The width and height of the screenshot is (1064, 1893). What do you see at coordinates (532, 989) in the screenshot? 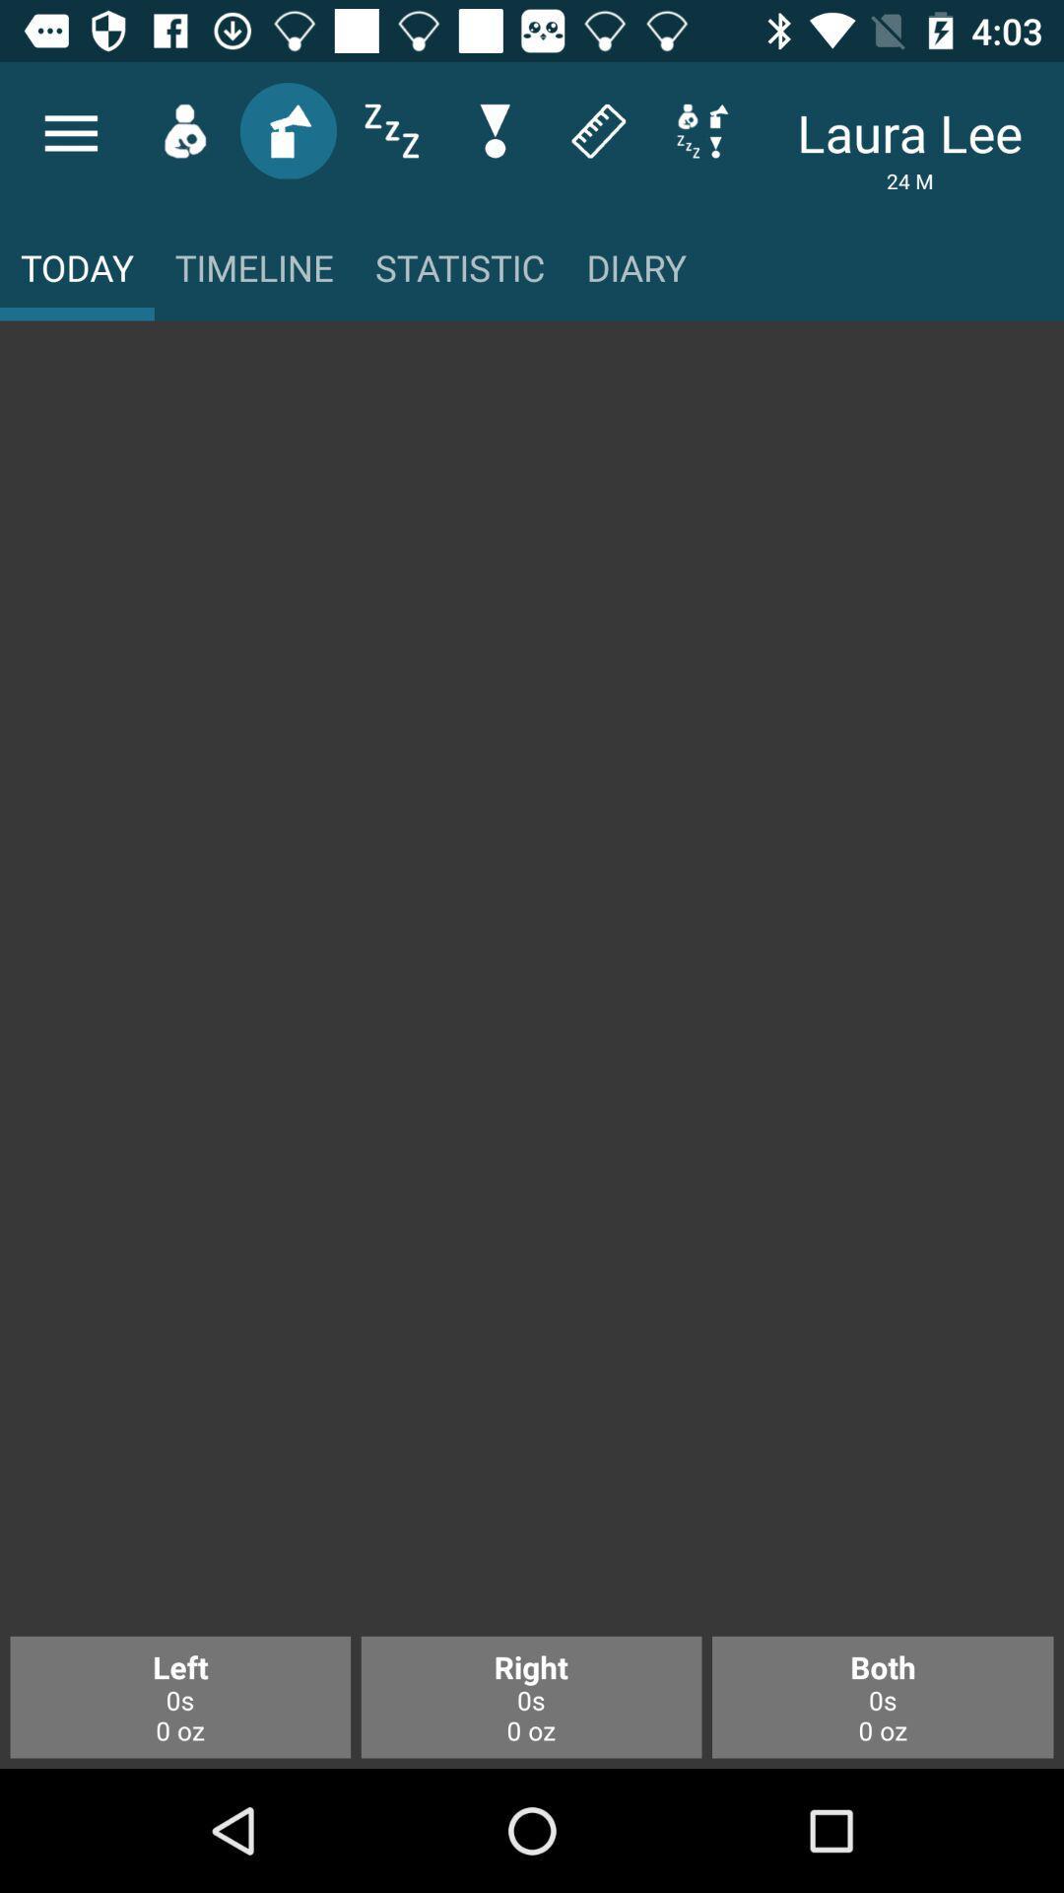
I see `icon at the center` at bounding box center [532, 989].